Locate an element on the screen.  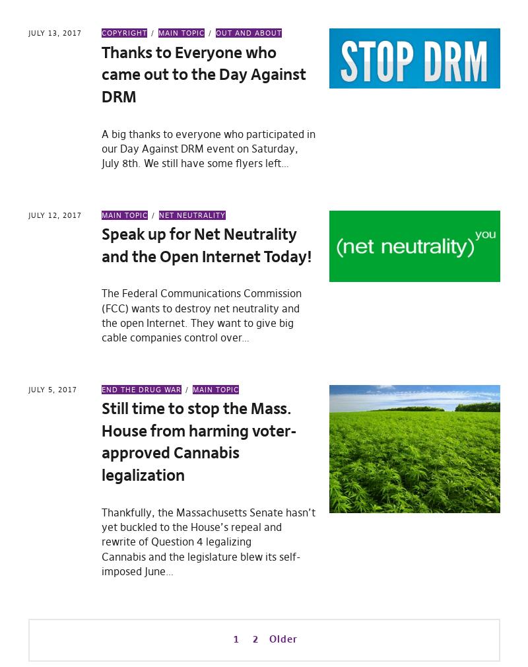
'Older' is located at coordinates (269, 638).